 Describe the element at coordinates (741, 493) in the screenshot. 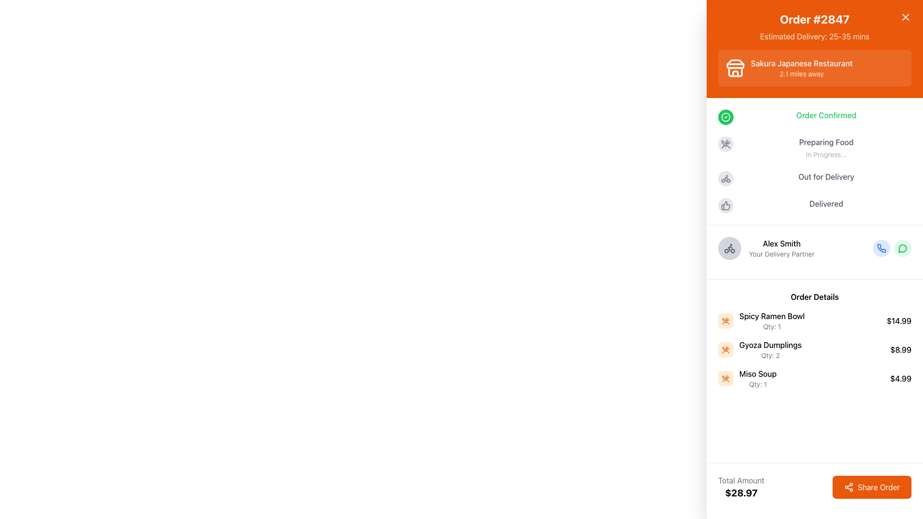

I see `the text displaying the total monetary amount for the order, located at the bottom-right of the interface beneath the 'Total Amount' label and adjacent to the 'Share Order' button` at that location.